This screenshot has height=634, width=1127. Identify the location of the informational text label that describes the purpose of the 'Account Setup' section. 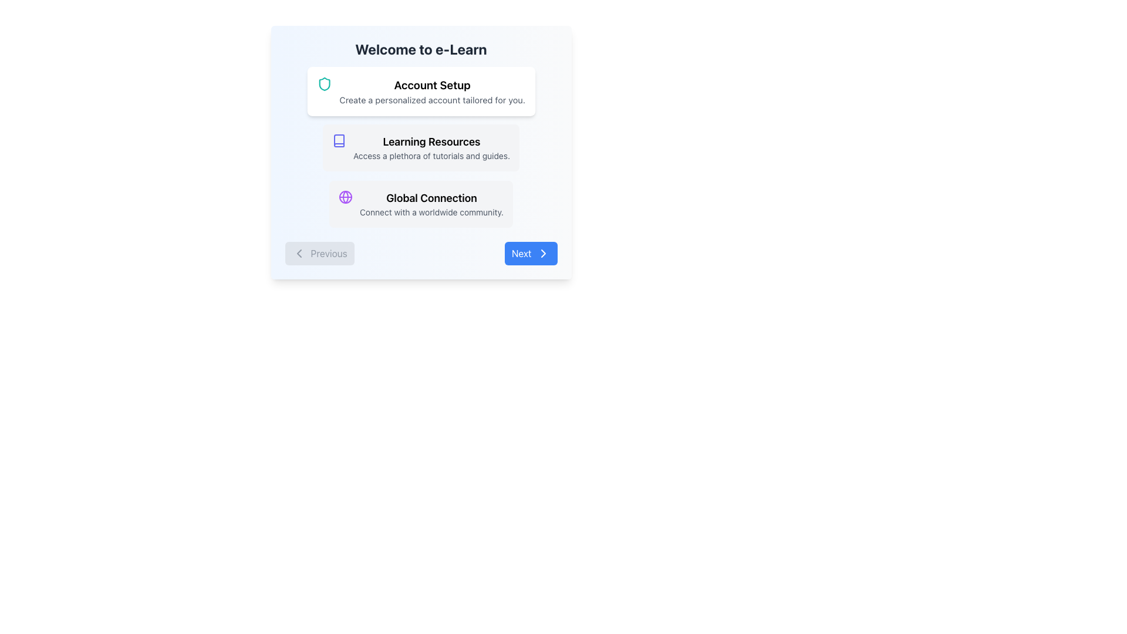
(431, 99).